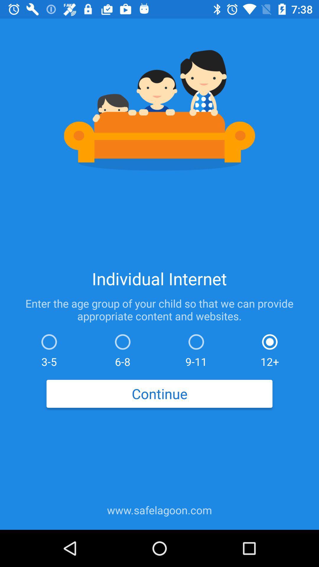  I want to click on the item to the right of 6-8, so click(196, 349).